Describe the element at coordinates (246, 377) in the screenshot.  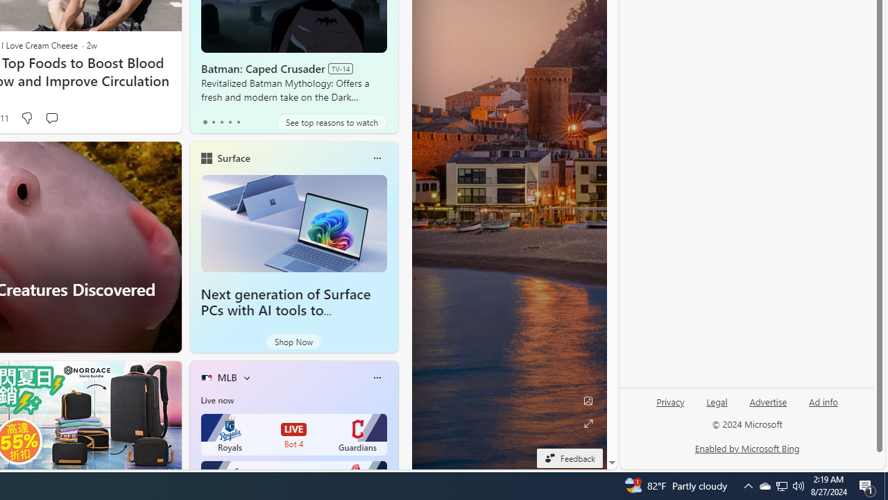
I see `'More interests'` at that location.